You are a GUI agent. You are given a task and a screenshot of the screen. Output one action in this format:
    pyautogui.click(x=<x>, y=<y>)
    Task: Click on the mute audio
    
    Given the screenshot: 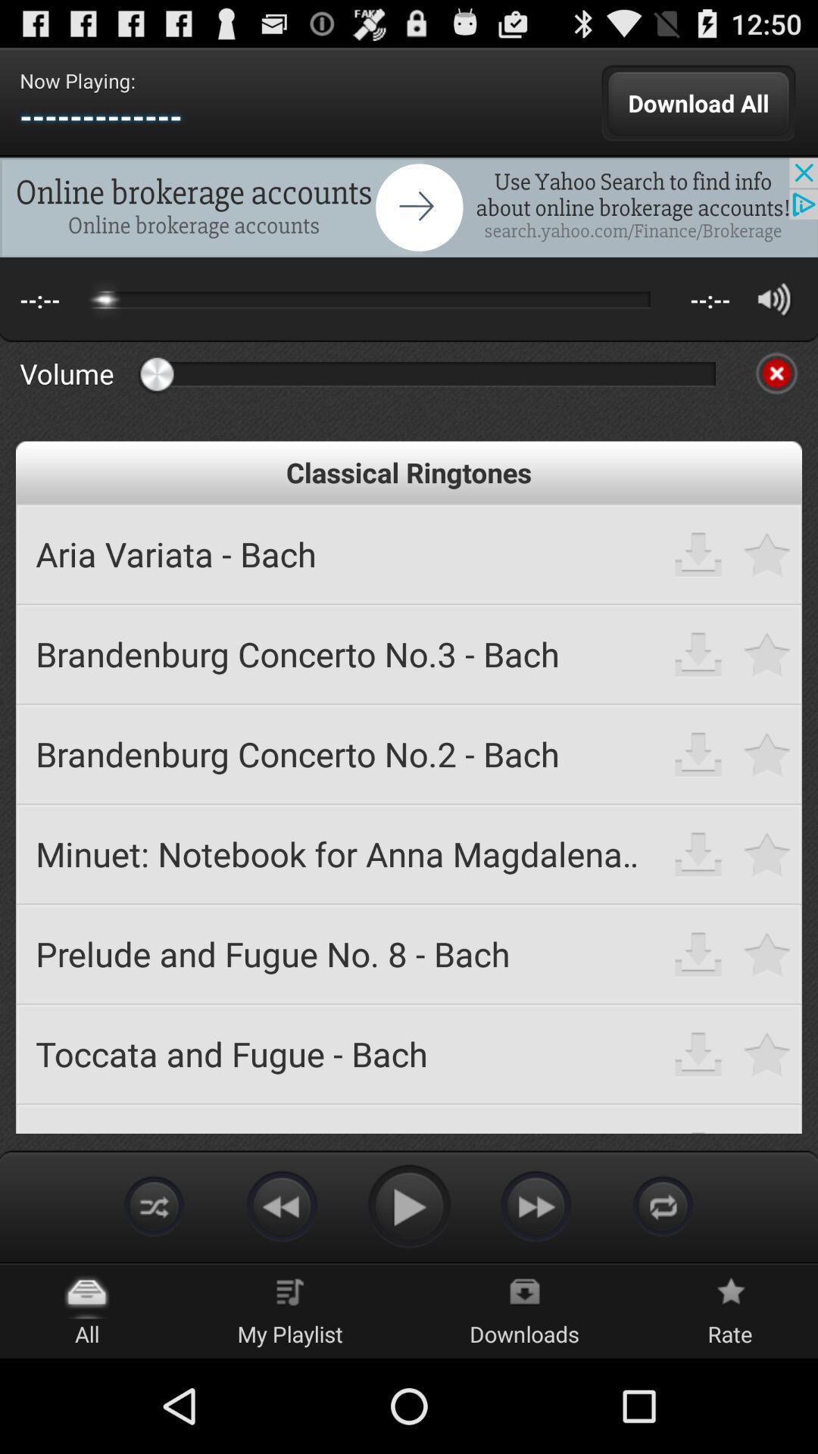 What is the action you would take?
    pyautogui.click(x=776, y=373)
    